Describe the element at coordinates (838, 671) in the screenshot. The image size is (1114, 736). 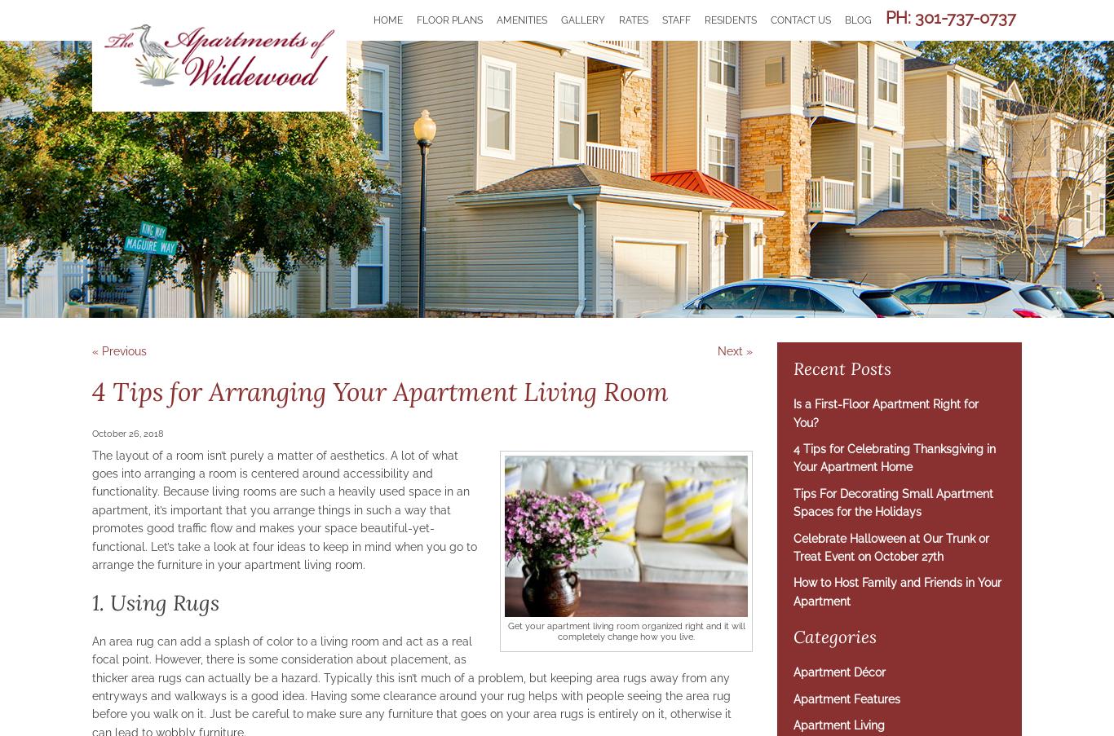
I see `'Apartment Décor'` at that location.